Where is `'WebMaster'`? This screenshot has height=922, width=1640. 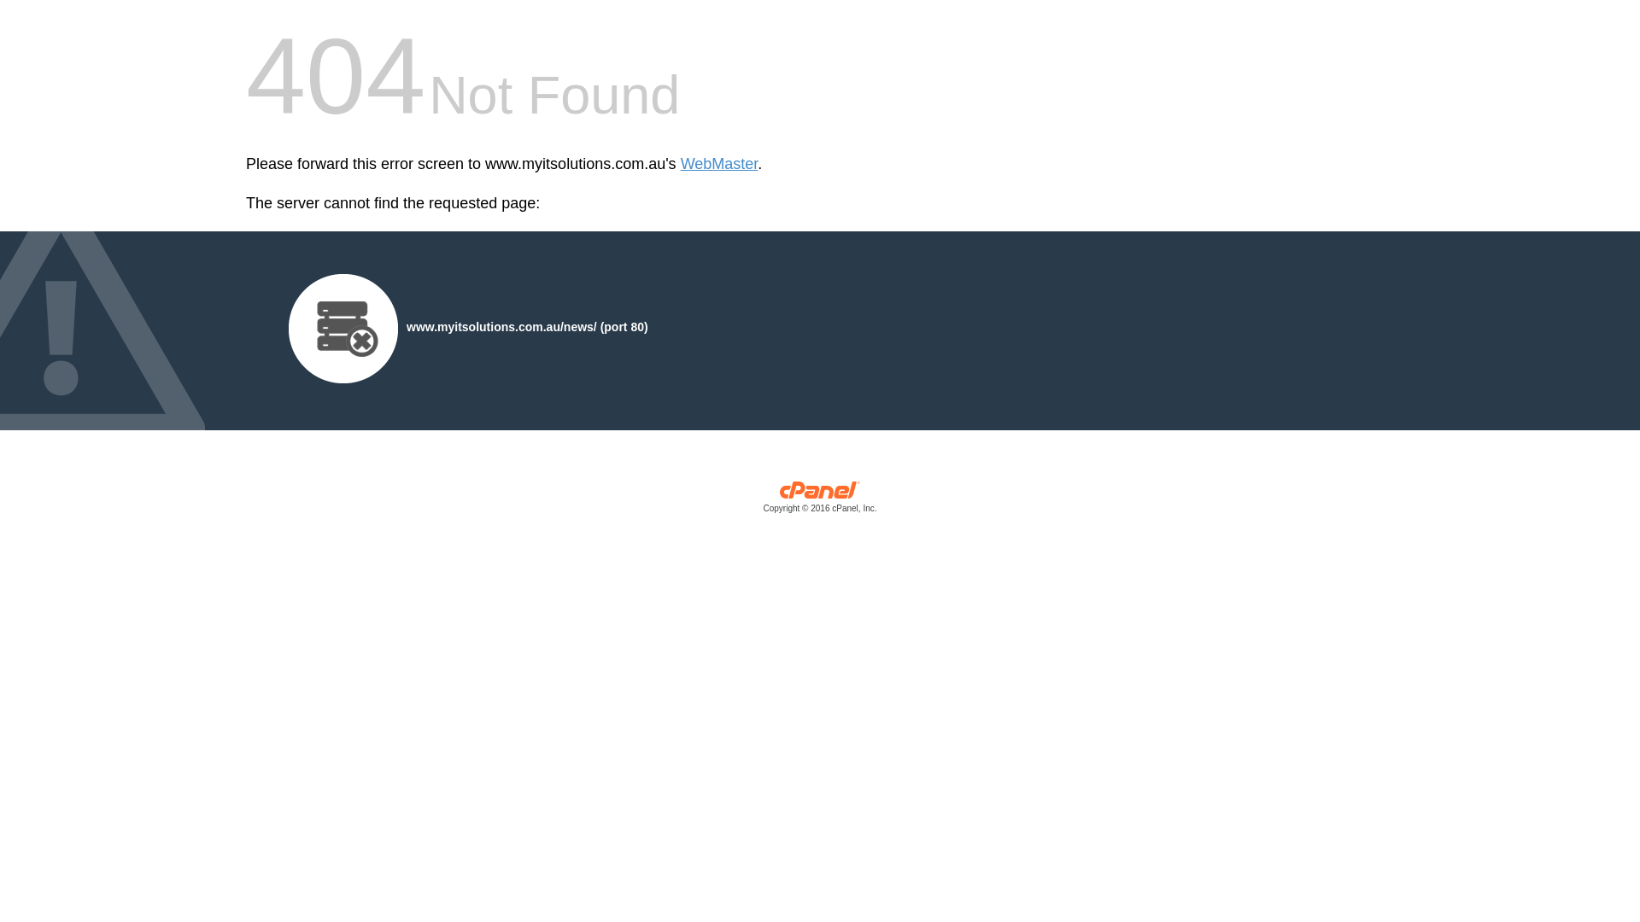 'WebMaster' is located at coordinates (719, 164).